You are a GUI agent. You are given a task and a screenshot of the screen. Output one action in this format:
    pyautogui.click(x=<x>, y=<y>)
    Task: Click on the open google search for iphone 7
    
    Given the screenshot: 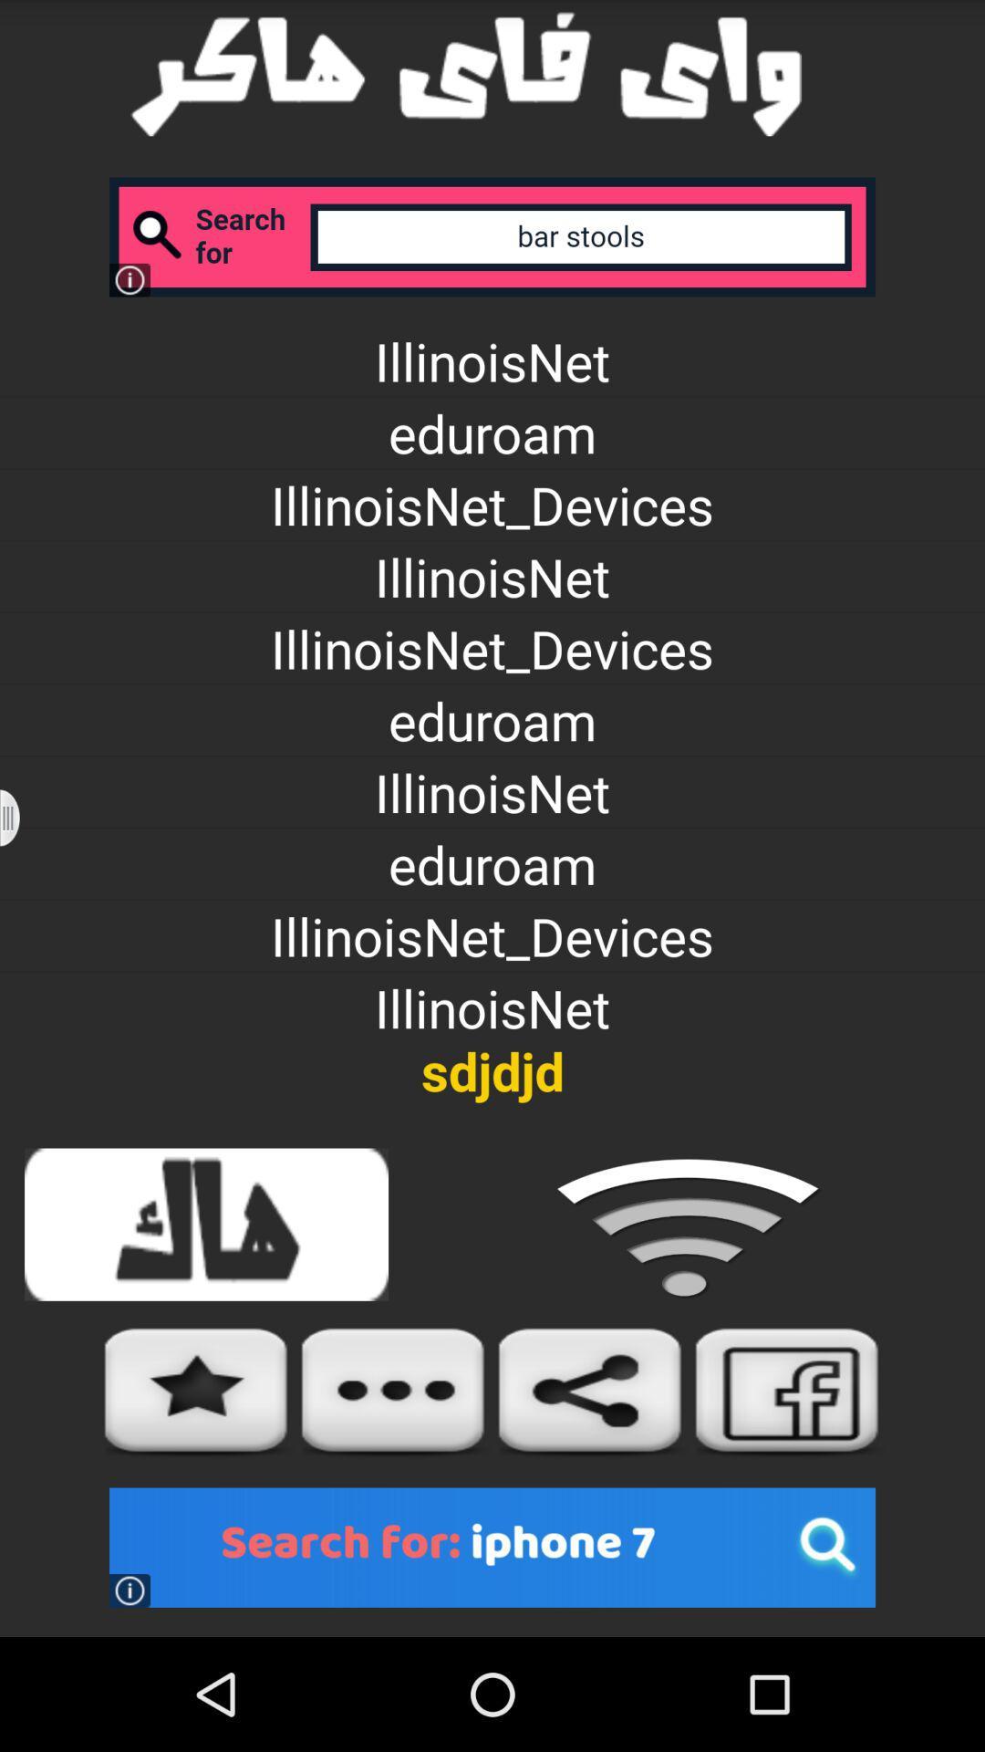 What is the action you would take?
    pyautogui.click(x=493, y=1547)
    